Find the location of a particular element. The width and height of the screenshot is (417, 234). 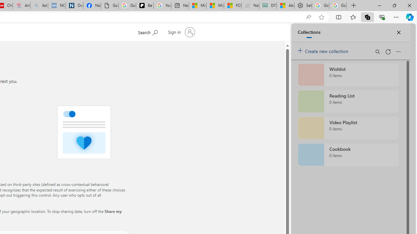

'Microsoft Start' is located at coordinates (215, 6).